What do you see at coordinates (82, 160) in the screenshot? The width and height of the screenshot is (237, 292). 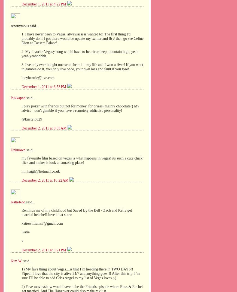 I see `'my favourite film based on vegas is what happens in vegas! its such a cute chick flick and makes it look an amazing place!'` at bounding box center [82, 160].